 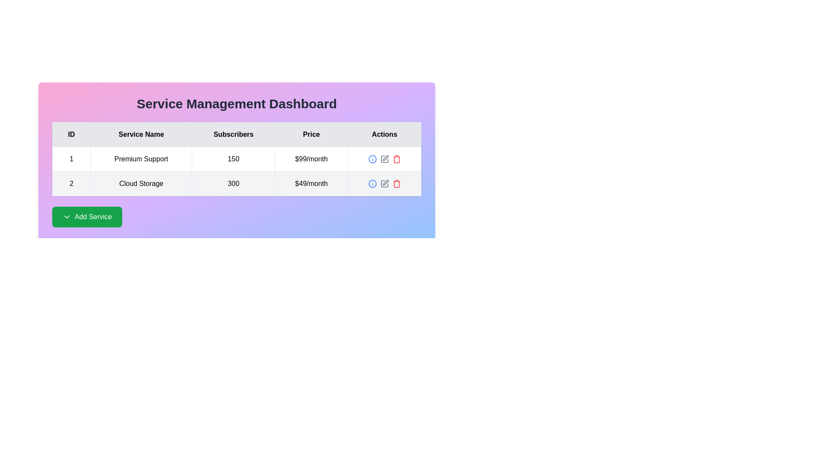 What do you see at coordinates (384, 159) in the screenshot?
I see `the button-like icon in the 'Actions' column of the first row` at bounding box center [384, 159].